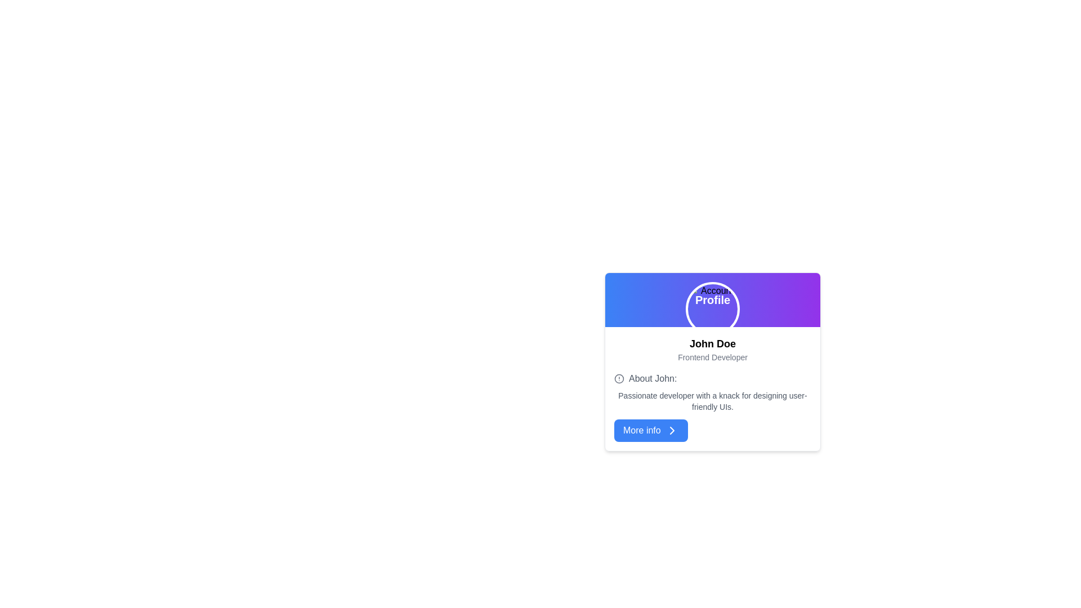 This screenshot has height=608, width=1081. Describe the element at coordinates (712, 349) in the screenshot. I see `the Text Display Block that presents the user's name and job title, located below the circular image area displaying the word 'Account' in the profile card` at that location.